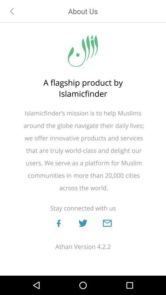 The height and width of the screenshot is (295, 166). Describe the element at coordinates (12, 11) in the screenshot. I see `the arrow_backward icon` at that location.